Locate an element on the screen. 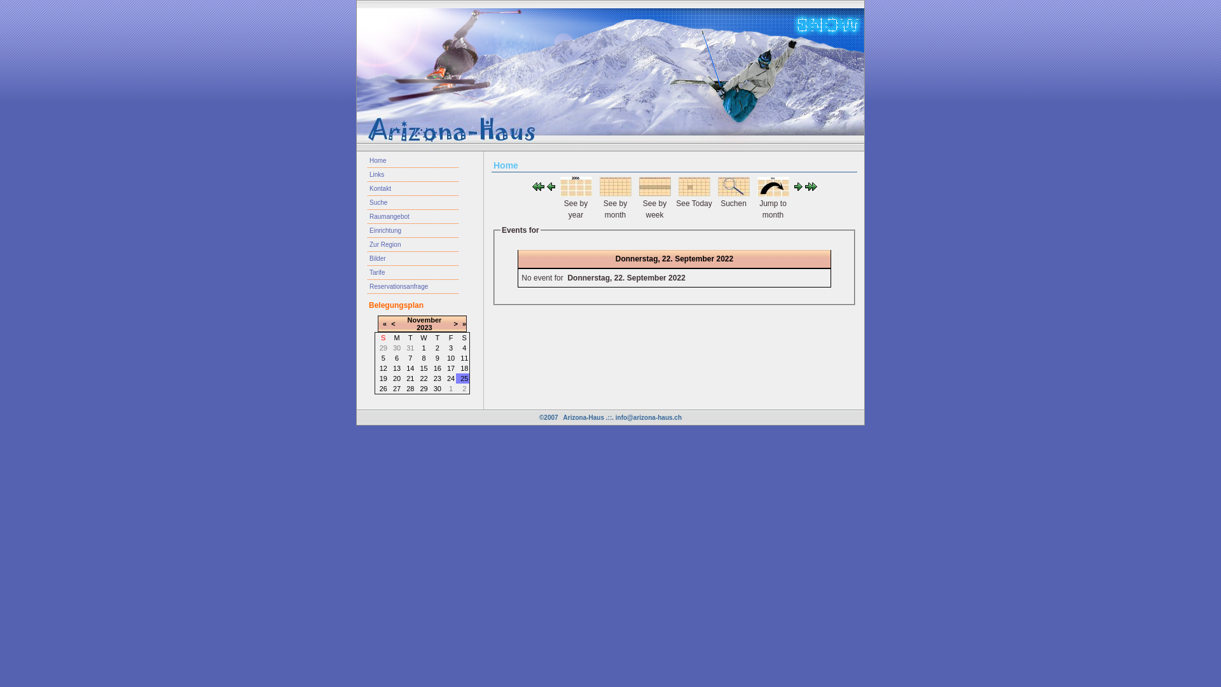 The image size is (1221, 687). '2023' is located at coordinates (424, 327).